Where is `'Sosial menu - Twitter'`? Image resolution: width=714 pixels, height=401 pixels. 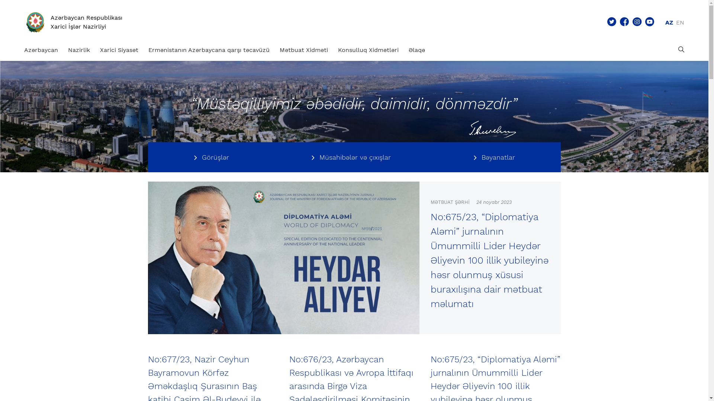
'Sosial menu - Twitter' is located at coordinates (612, 22).